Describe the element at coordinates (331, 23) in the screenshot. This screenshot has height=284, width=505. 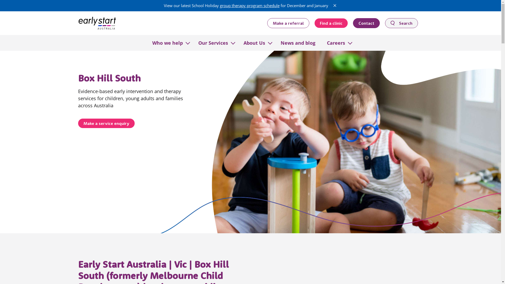
I see `'Find a clinic'` at that location.